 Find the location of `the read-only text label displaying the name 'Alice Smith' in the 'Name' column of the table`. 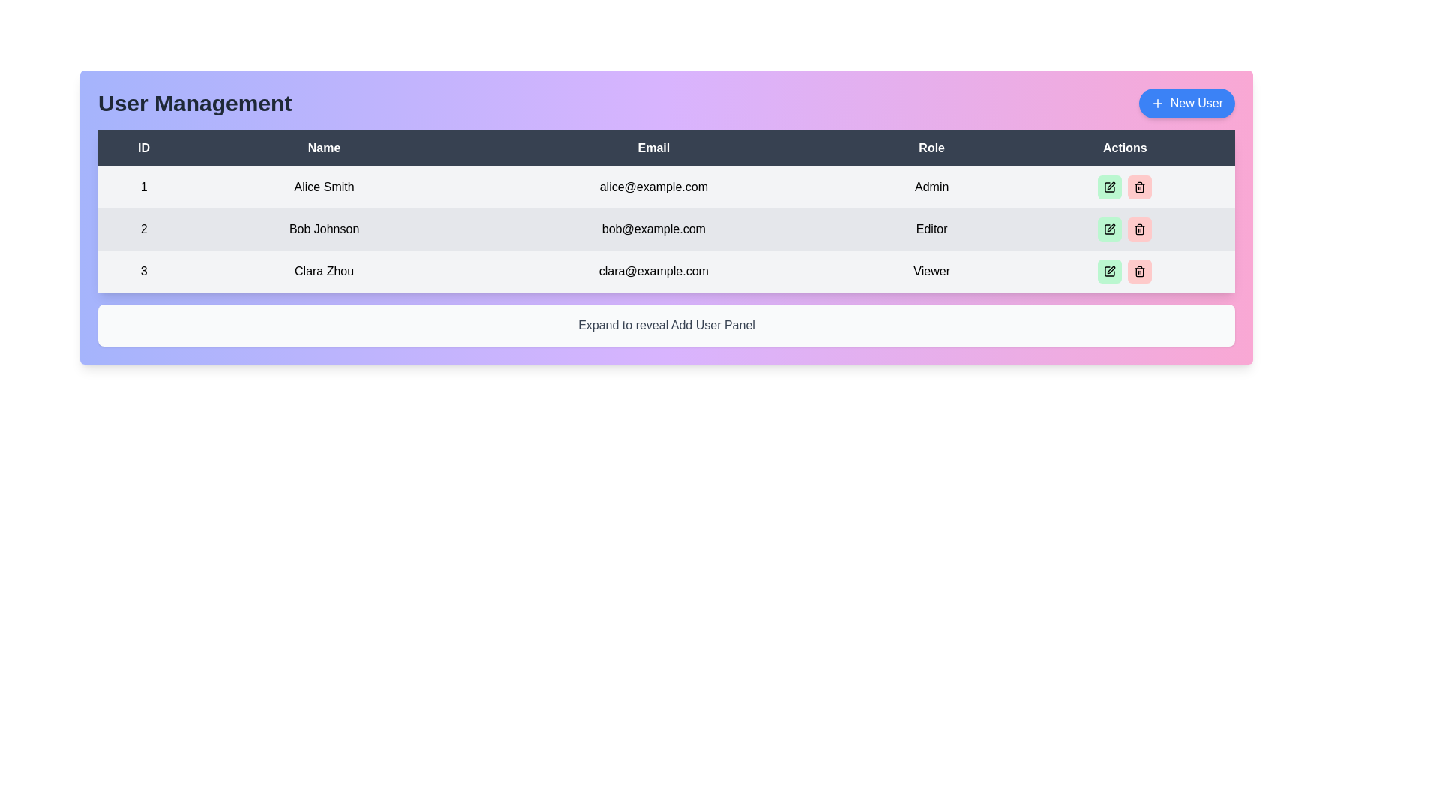

the read-only text label displaying the name 'Alice Smith' in the 'Name' column of the table is located at coordinates (323, 187).